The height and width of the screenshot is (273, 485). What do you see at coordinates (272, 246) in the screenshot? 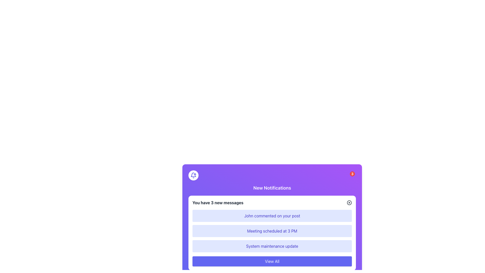
I see `notification message in the third notification block with rounded corners and a light indigo background that reads 'System maintenance update.'` at bounding box center [272, 246].